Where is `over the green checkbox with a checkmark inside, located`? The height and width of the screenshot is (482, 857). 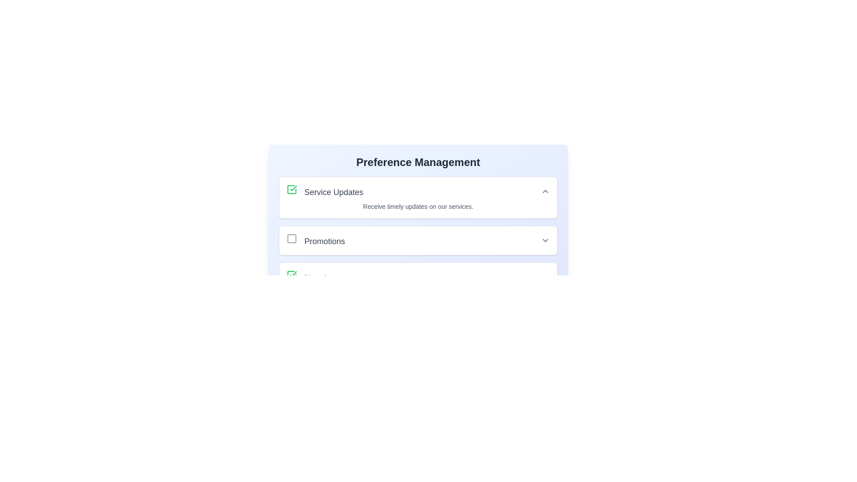
over the green checkbox with a checkmark inside, located is located at coordinates (291, 189).